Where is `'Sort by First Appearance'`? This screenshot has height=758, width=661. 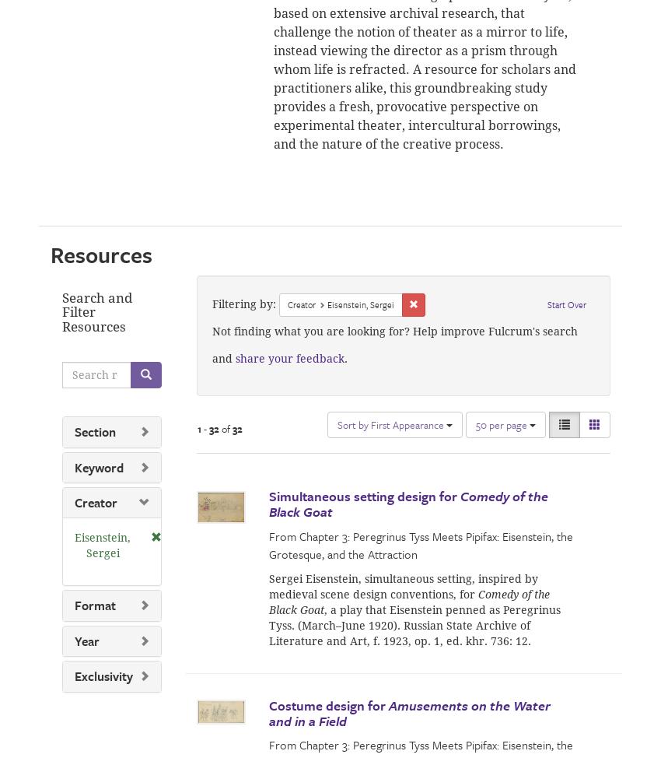
'Sort by First Appearance' is located at coordinates (391, 423).